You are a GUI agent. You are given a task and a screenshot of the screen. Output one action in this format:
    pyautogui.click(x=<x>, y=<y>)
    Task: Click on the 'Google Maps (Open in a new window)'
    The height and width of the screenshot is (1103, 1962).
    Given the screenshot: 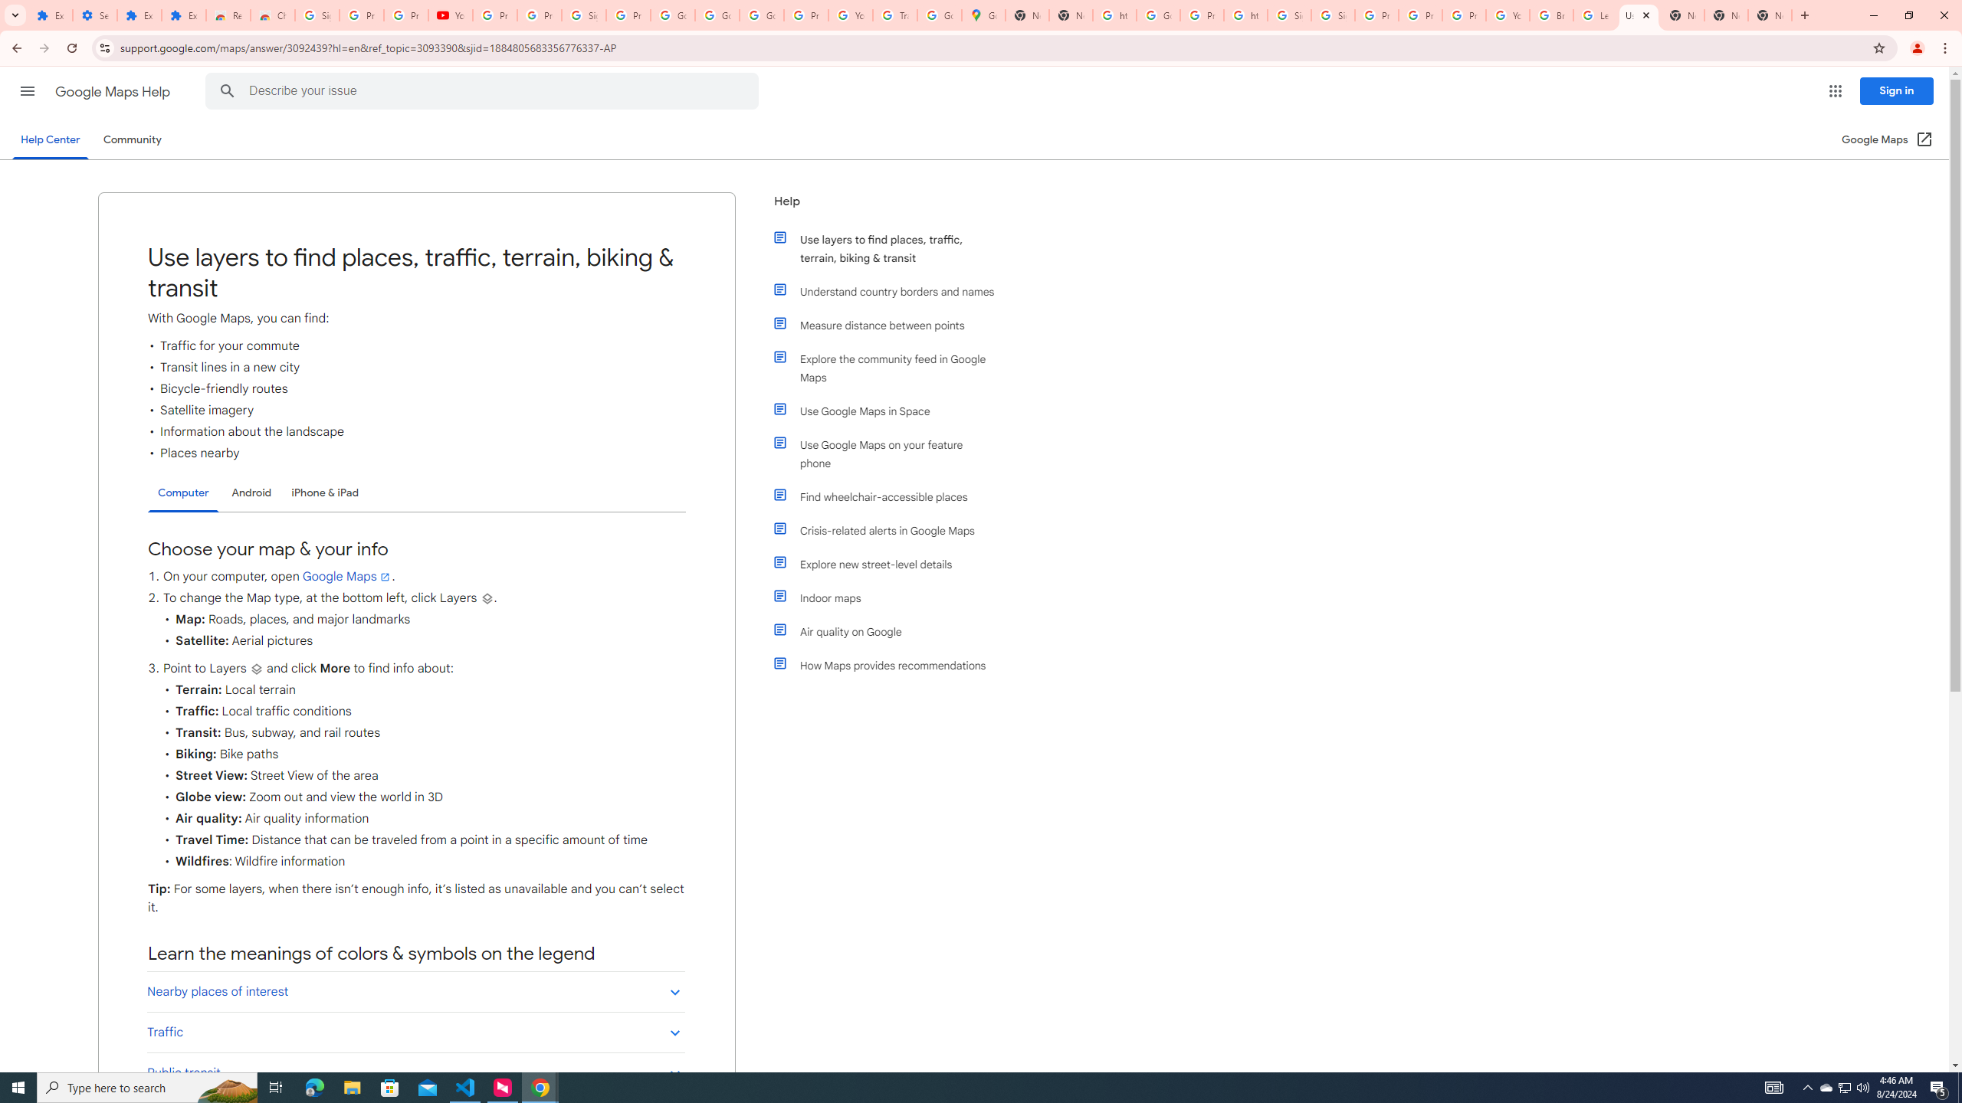 What is the action you would take?
    pyautogui.click(x=1887, y=139)
    